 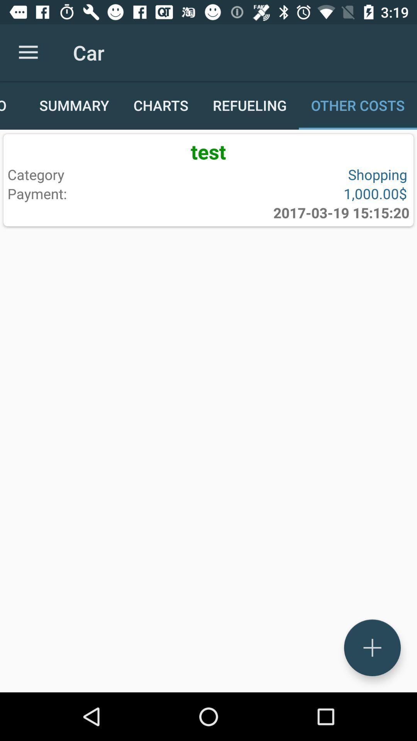 What do you see at coordinates (341, 213) in the screenshot?
I see `2017 03 19` at bounding box center [341, 213].